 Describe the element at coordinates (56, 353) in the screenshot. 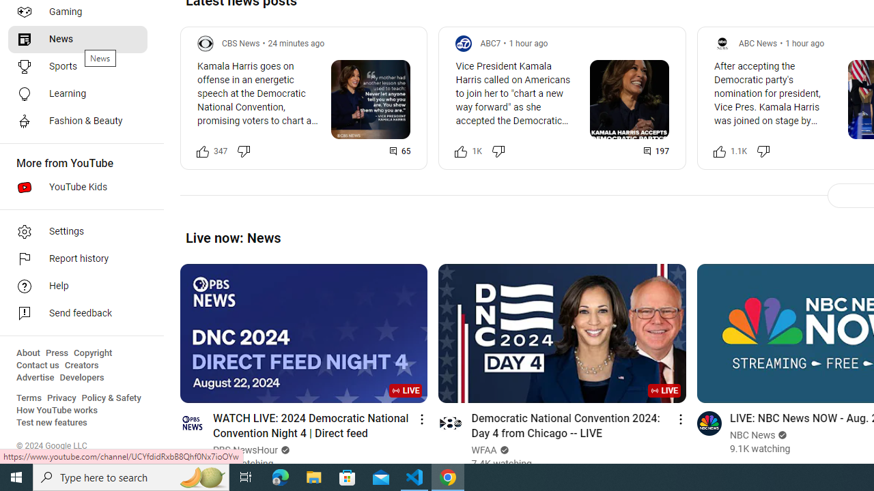

I see `'Press'` at that location.